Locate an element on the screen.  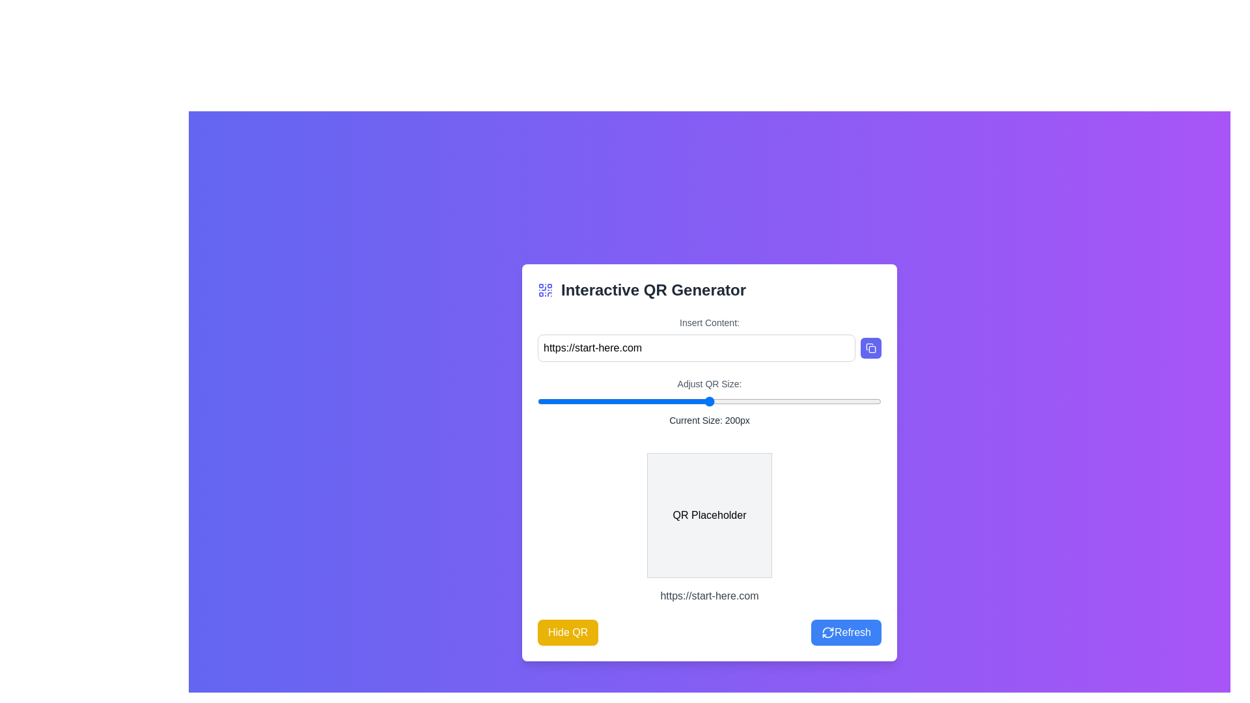
the 'Refresh' button, which has a blue background, rounded corners, and features the text 'Refresh' in white with a circular arrow icon on its left side, located near the bottom-right corner of the white panel is located at coordinates (846, 632).